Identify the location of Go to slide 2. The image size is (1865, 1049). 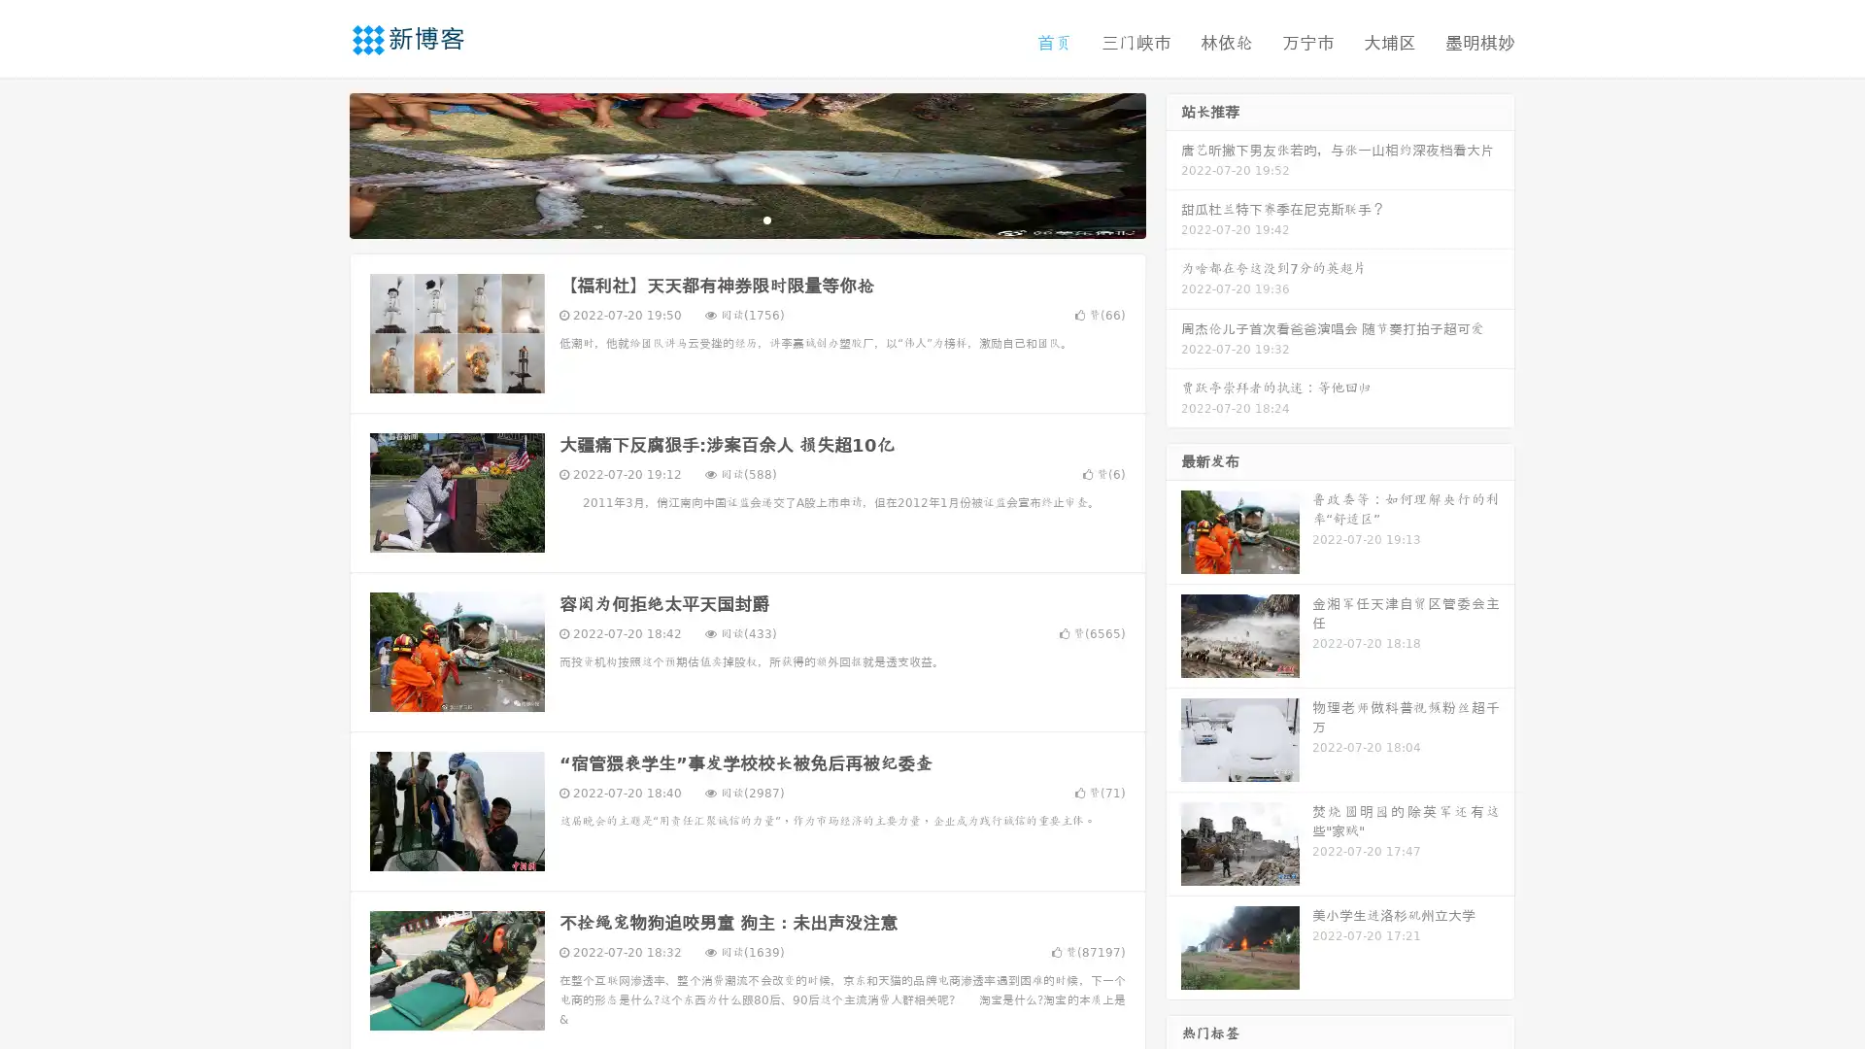
(746, 219).